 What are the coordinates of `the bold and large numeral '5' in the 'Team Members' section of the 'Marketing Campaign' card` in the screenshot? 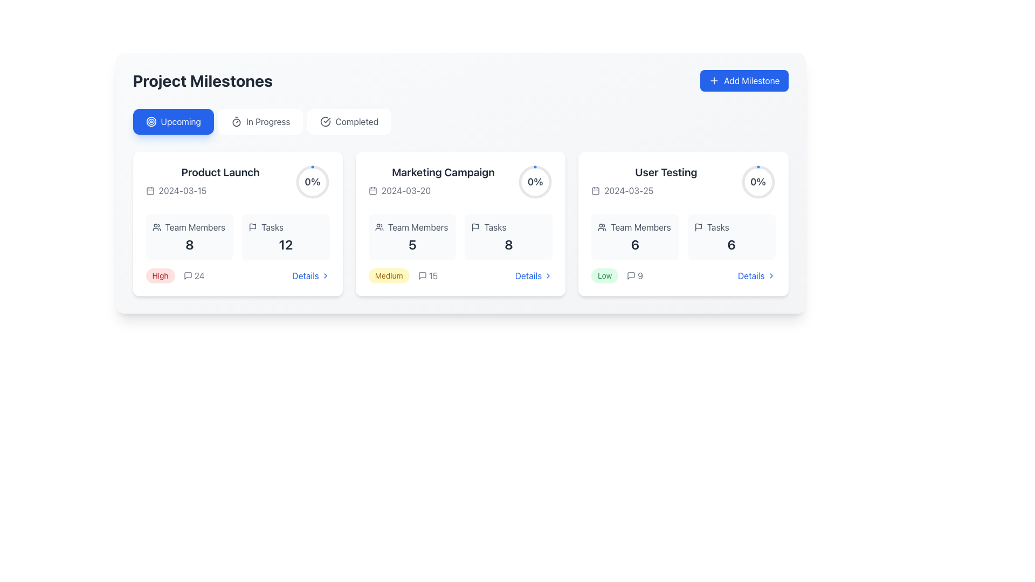 It's located at (412, 245).